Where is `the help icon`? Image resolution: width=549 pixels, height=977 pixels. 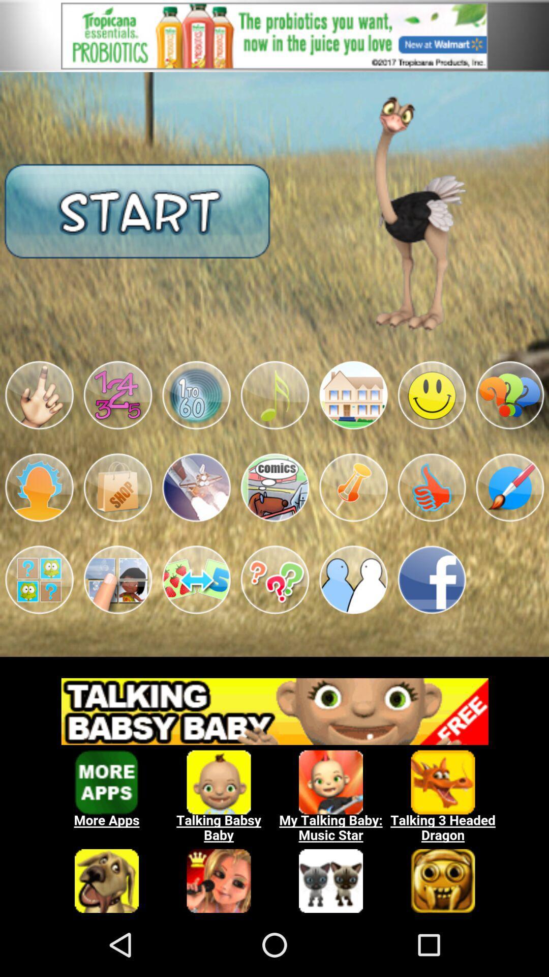
the help icon is located at coordinates (274, 620).